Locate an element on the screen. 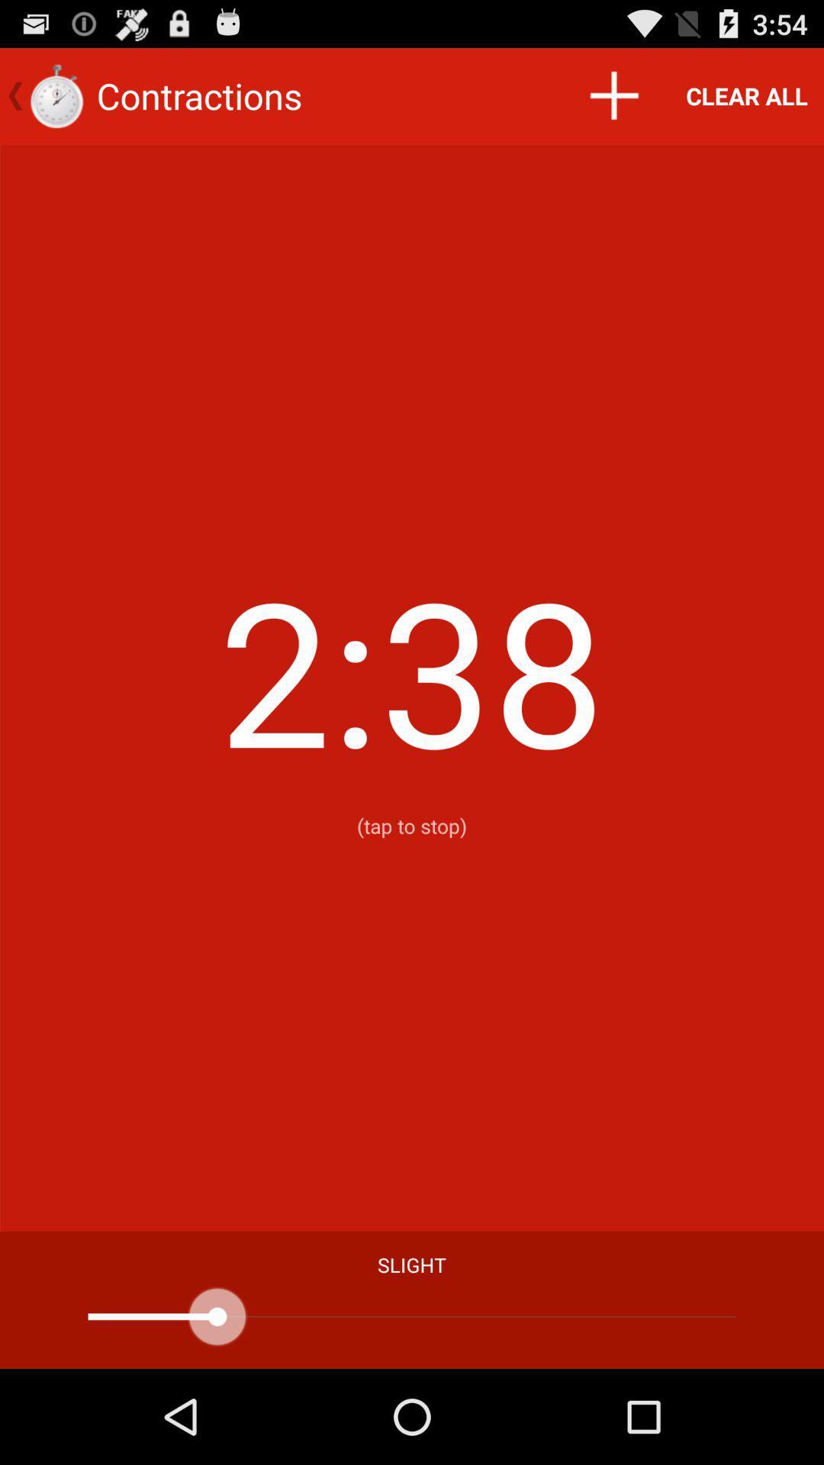 The height and width of the screenshot is (1465, 824). item above 9 icon is located at coordinates (613, 95).